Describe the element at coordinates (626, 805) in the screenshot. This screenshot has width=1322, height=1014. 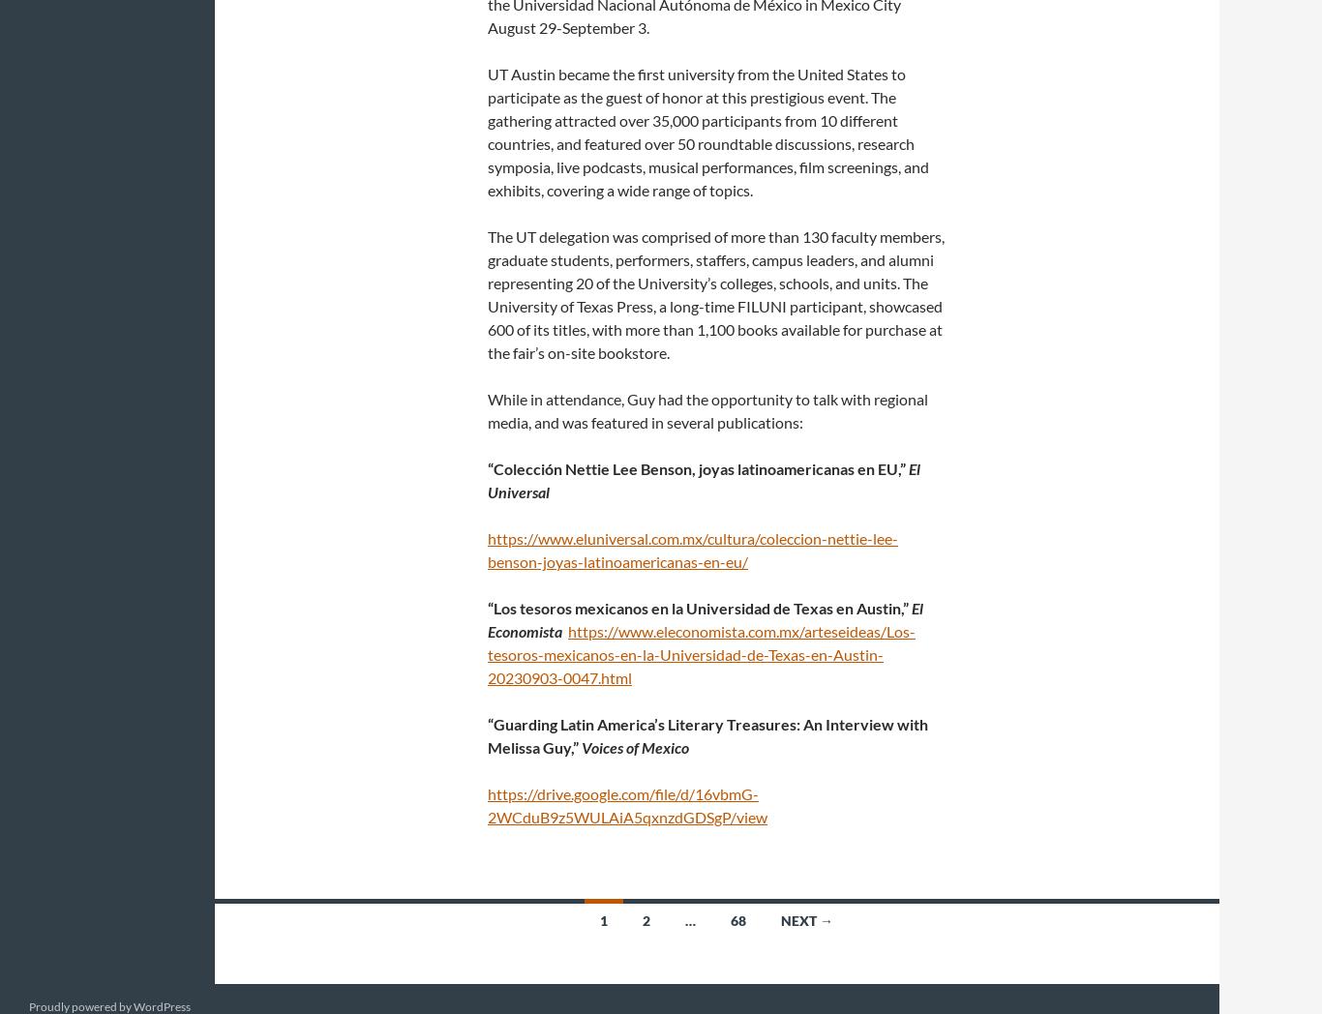
I see `'https://drive.google.com/file/d/16vbmG-2WCduB9z5WULAiA5qxnzdGDSgP/view'` at that location.